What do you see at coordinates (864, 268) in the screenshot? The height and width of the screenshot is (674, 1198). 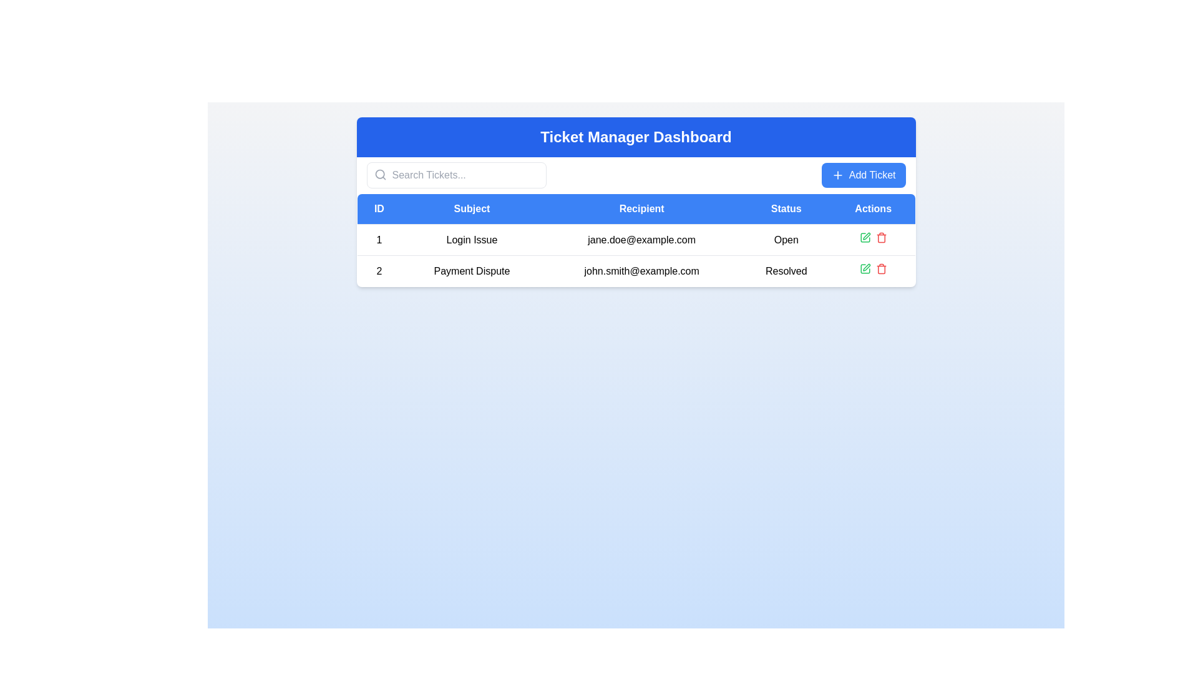 I see `the green pencil icon button in the 'Actions' column of the second row of the table` at bounding box center [864, 268].